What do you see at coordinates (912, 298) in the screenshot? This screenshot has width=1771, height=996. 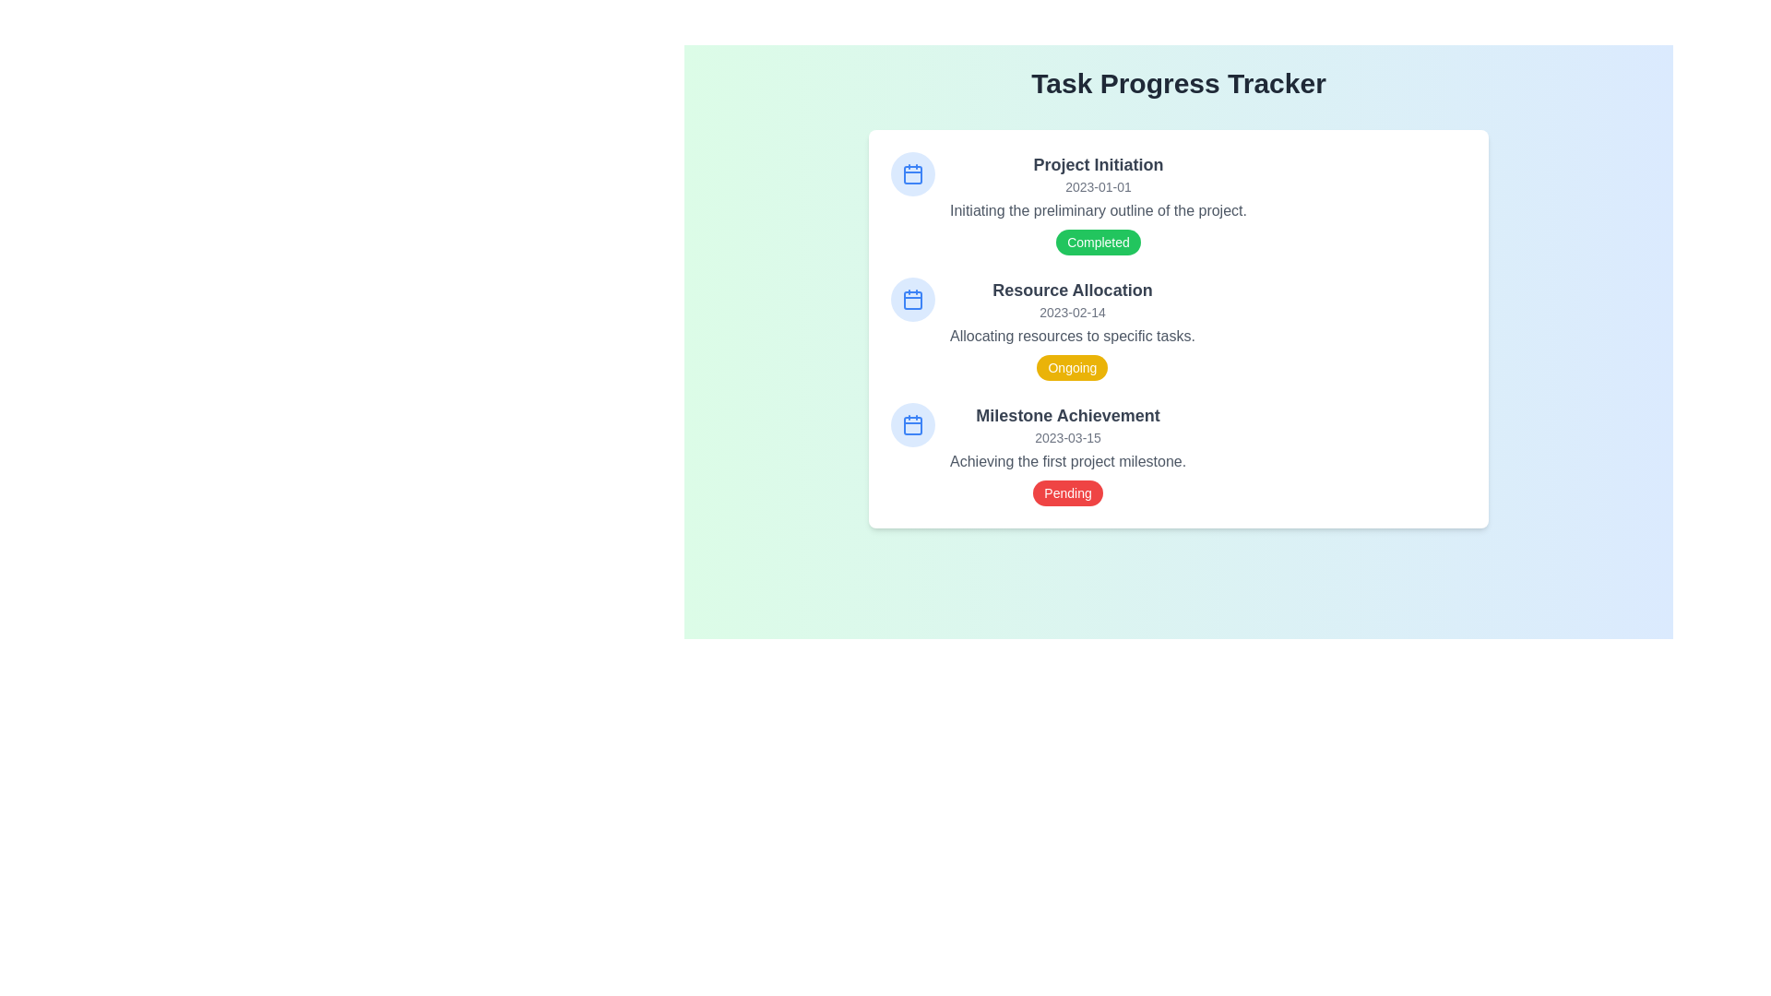 I see `the calendar icon associated with the 'Resource Allocation' task` at bounding box center [912, 298].